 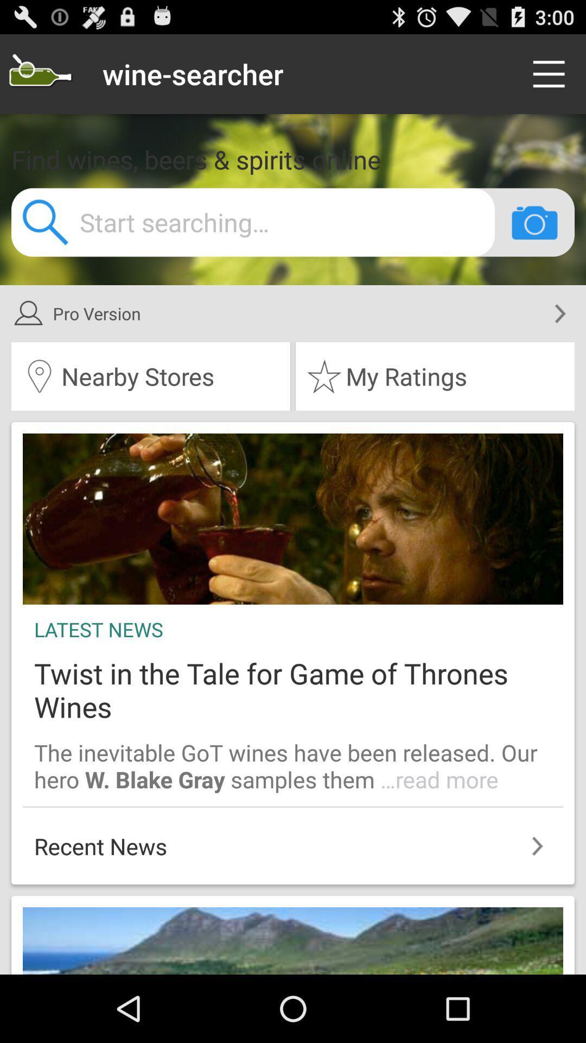 I want to click on item below the pro version item, so click(x=150, y=376).